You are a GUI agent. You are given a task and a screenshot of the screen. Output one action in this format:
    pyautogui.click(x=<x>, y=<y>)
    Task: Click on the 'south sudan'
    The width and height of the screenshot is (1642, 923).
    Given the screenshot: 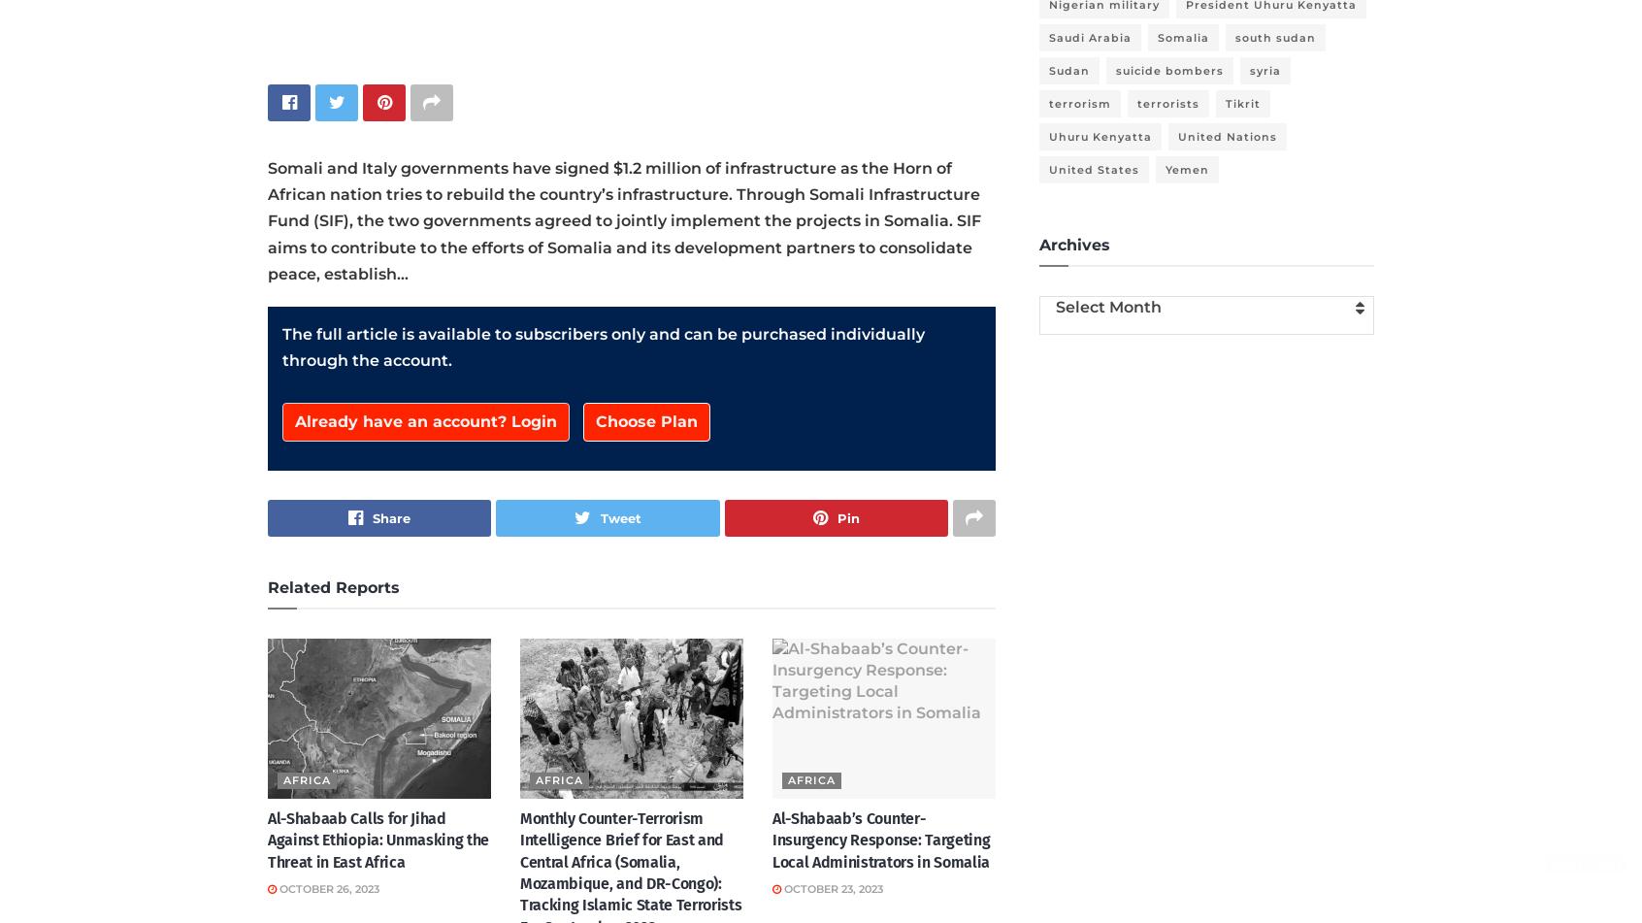 What is the action you would take?
    pyautogui.click(x=1274, y=37)
    